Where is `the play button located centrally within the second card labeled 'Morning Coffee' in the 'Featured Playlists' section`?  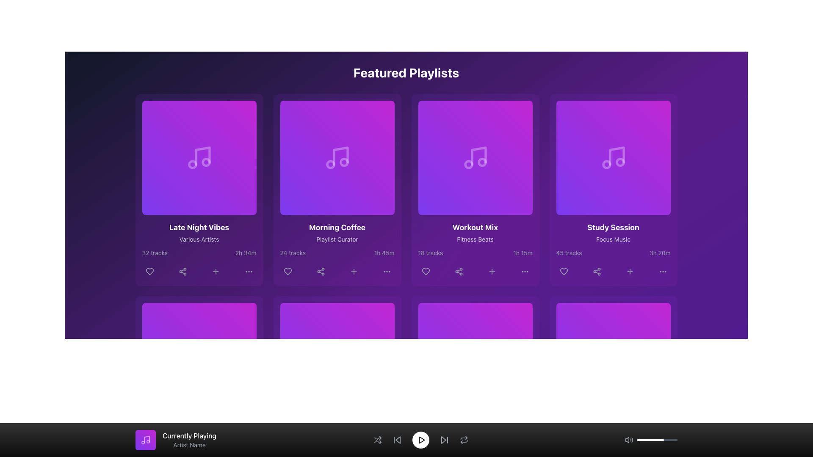
the play button located centrally within the second card labeled 'Morning Coffee' in the 'Featured Playlists' section is located at coordinates (337, 158).